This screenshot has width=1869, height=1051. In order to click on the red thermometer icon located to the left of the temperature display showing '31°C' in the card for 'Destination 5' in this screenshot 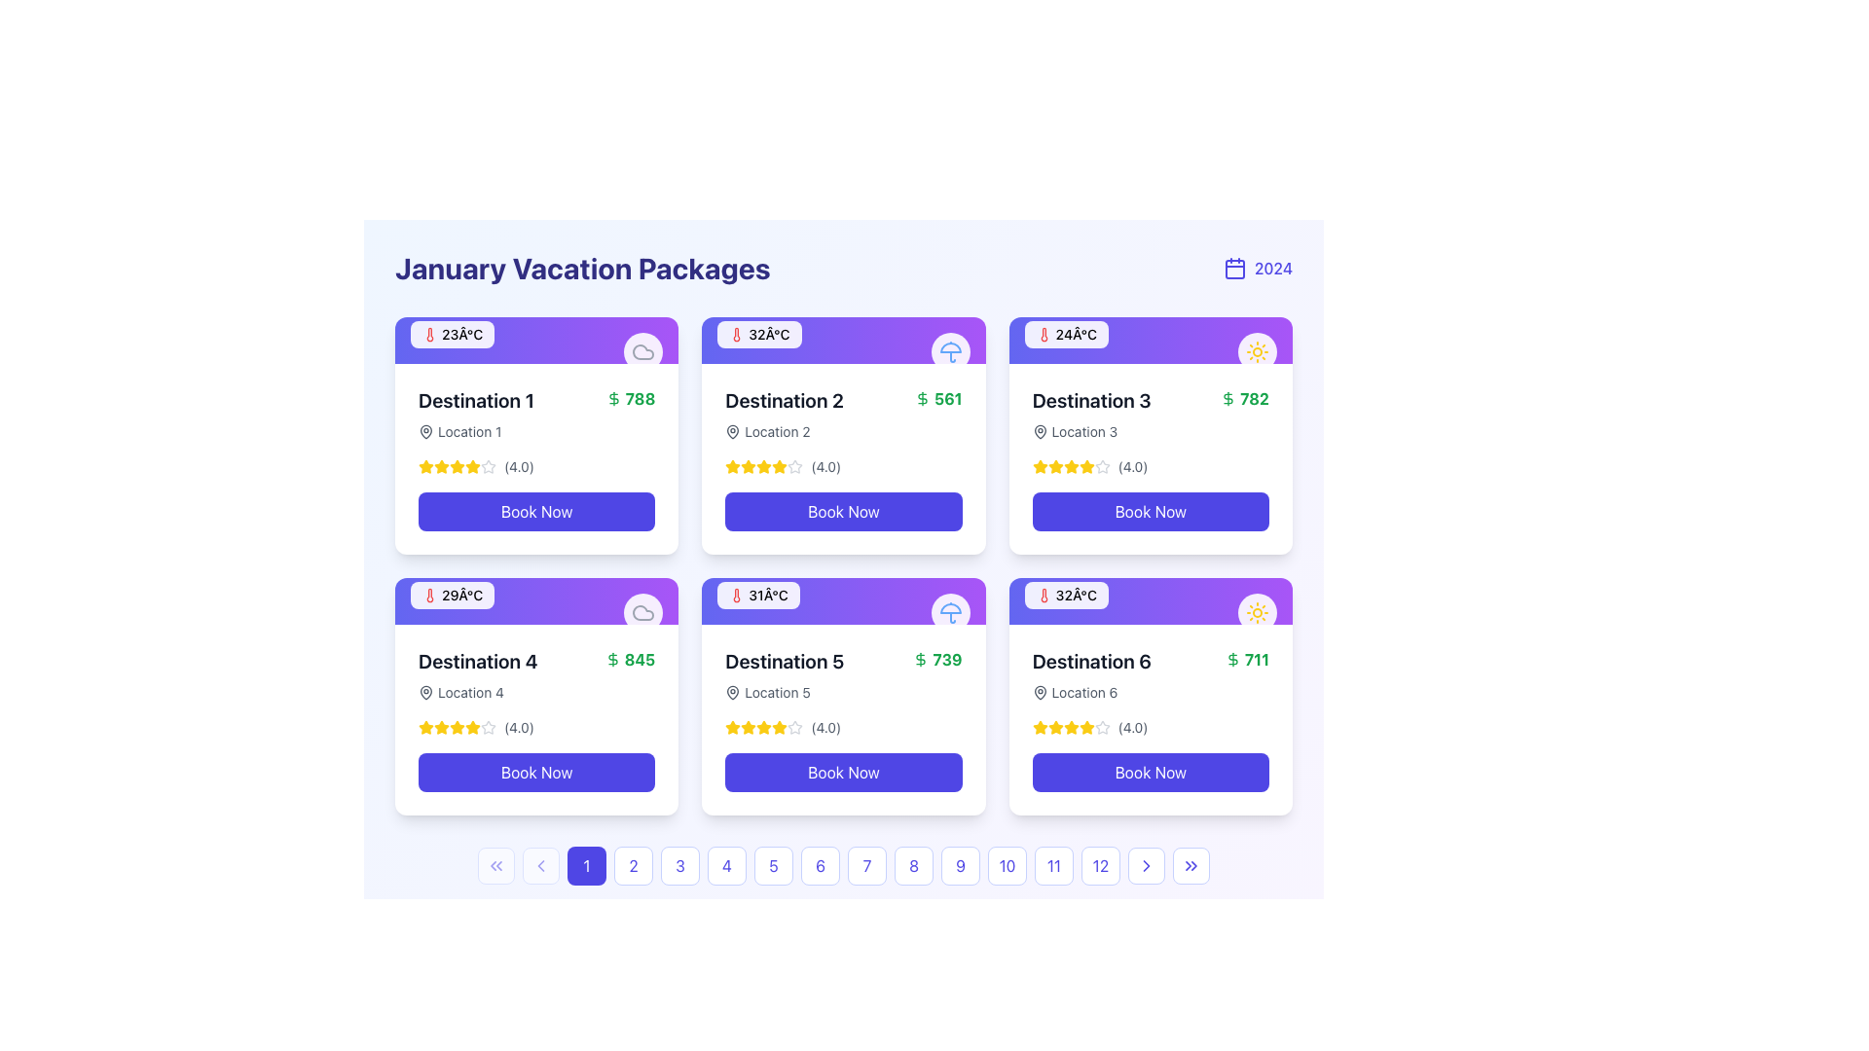, I will do `click(736, 595)`.